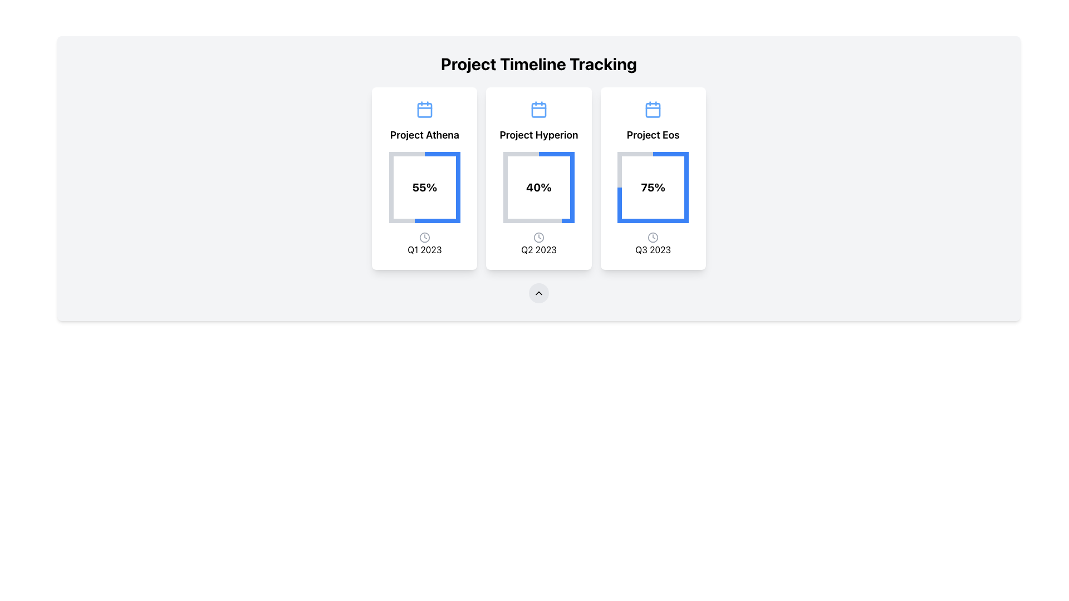 The image size is (1069, 601). What do you see at coordinates (653, 178) in the screenshot?
I see `the project progress summary card for 'Eos', which displays 75% completion and is located in the top-right corner of the grid layout` at bounding box center [653, 178].